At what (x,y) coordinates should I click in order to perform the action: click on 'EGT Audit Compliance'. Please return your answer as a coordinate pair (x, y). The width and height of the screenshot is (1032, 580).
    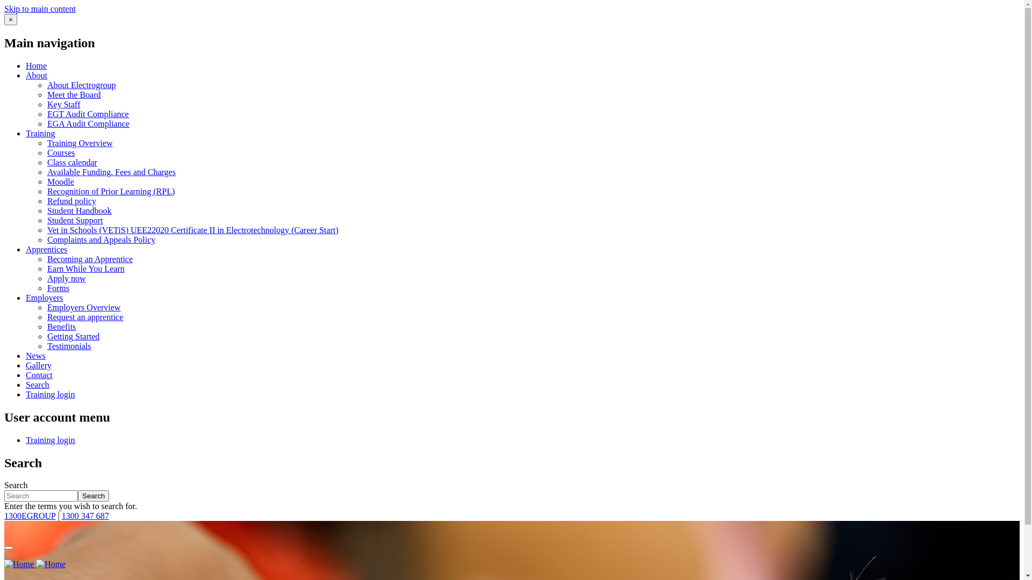
    Looking at the image, I should click on (88, 114).